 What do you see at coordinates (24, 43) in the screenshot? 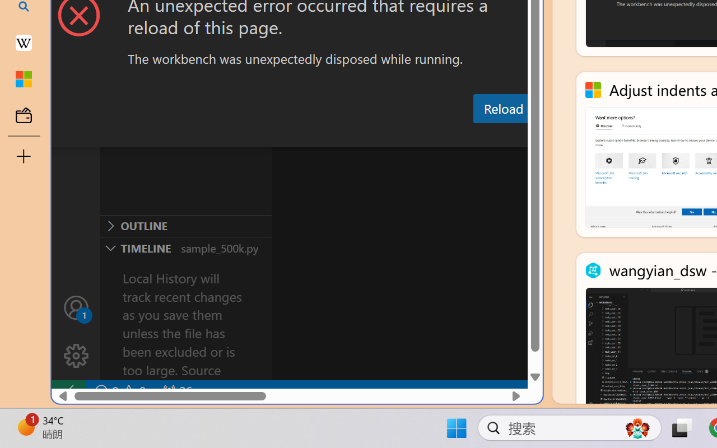
I see `'Earth - Wikipedia'` at bounding box center [24, 43].